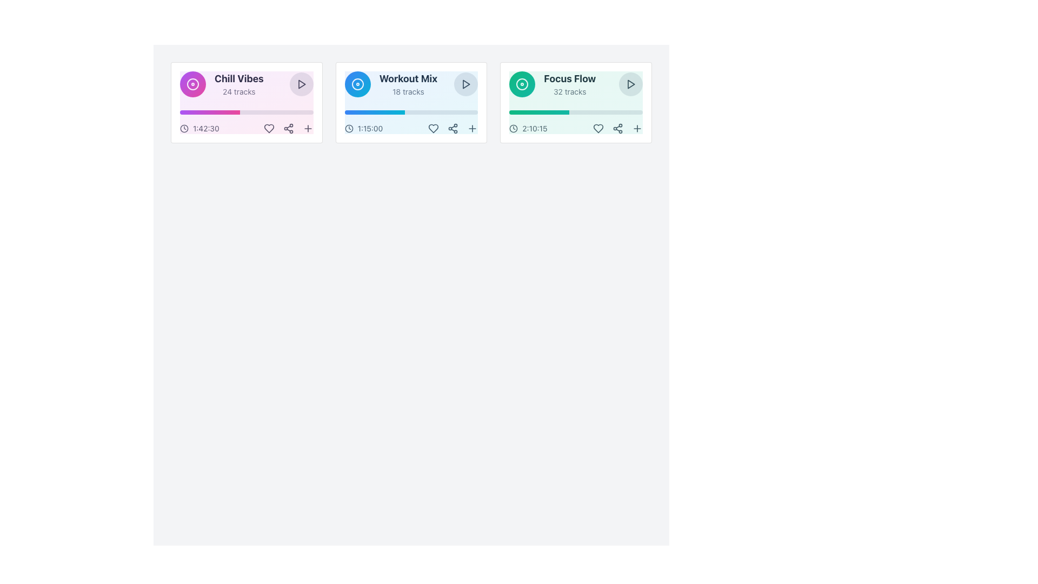 The width and height of the screenshot is (1038, 584). Describe the element at coordinates (535, 128) in the screenshot. I see `the text displaying '2:10:15' in a digital clock style, located in the bottom left corner of the 'Focus Flow' panel, adjacent to a clock icon` at that location.